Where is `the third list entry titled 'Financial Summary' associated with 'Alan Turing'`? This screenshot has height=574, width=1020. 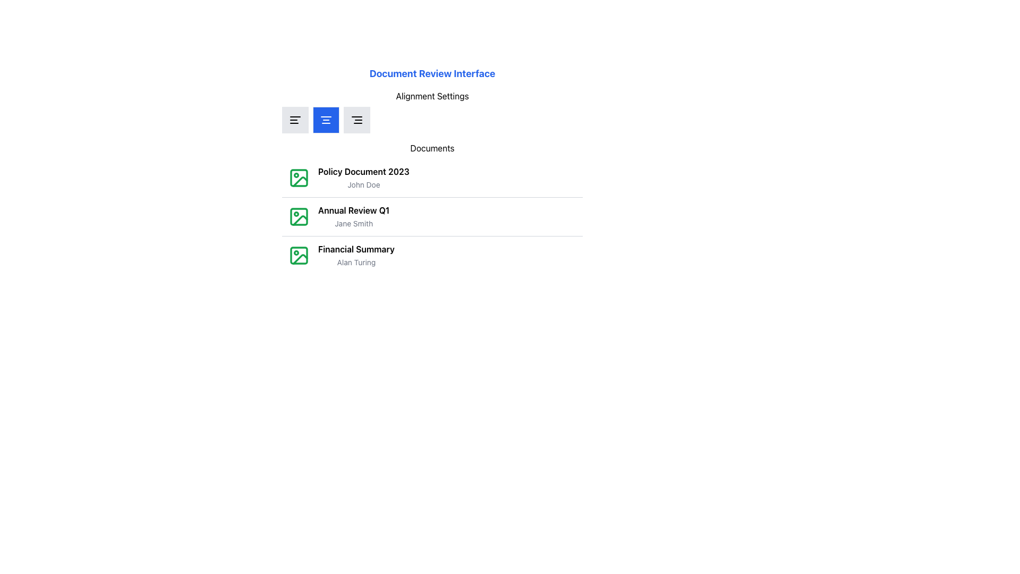 the third list entry titled 'Financial Summary' associated with 'Alan Turing' is located at coordinates (341, 256).